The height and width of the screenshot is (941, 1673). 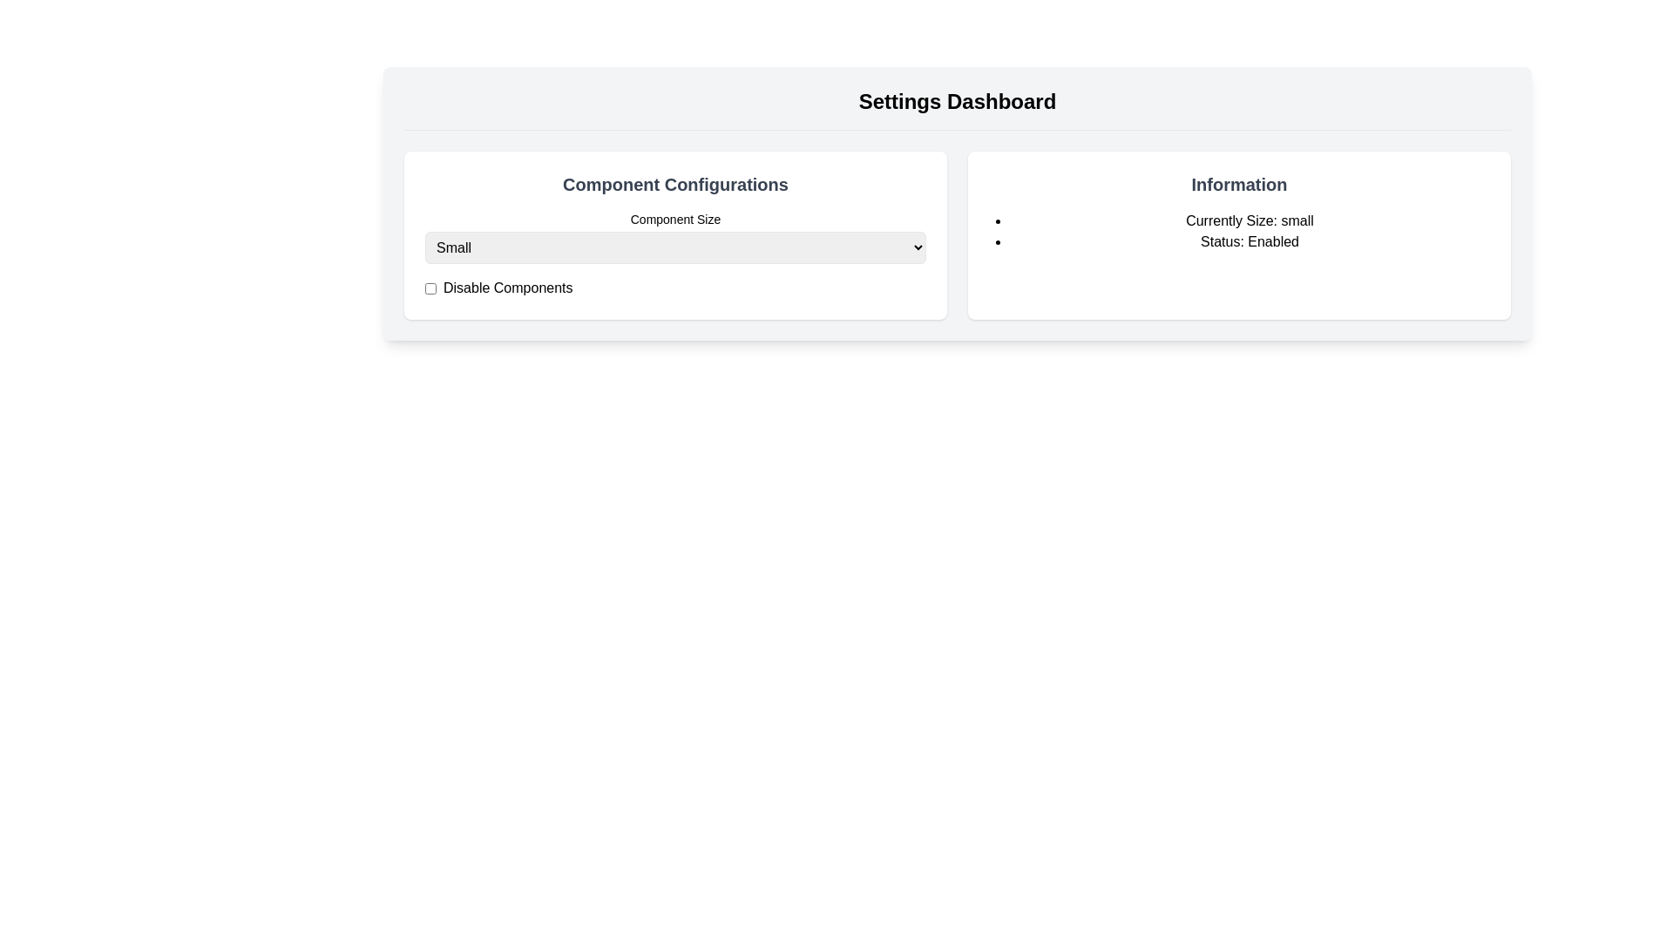 I want to click on the static text display element that conveys the status information of the component, which currently shows 'Enabled', located below the 'Currently Size: small' item in the right panel under the 'Information' section, so click(x=1249, y=241).